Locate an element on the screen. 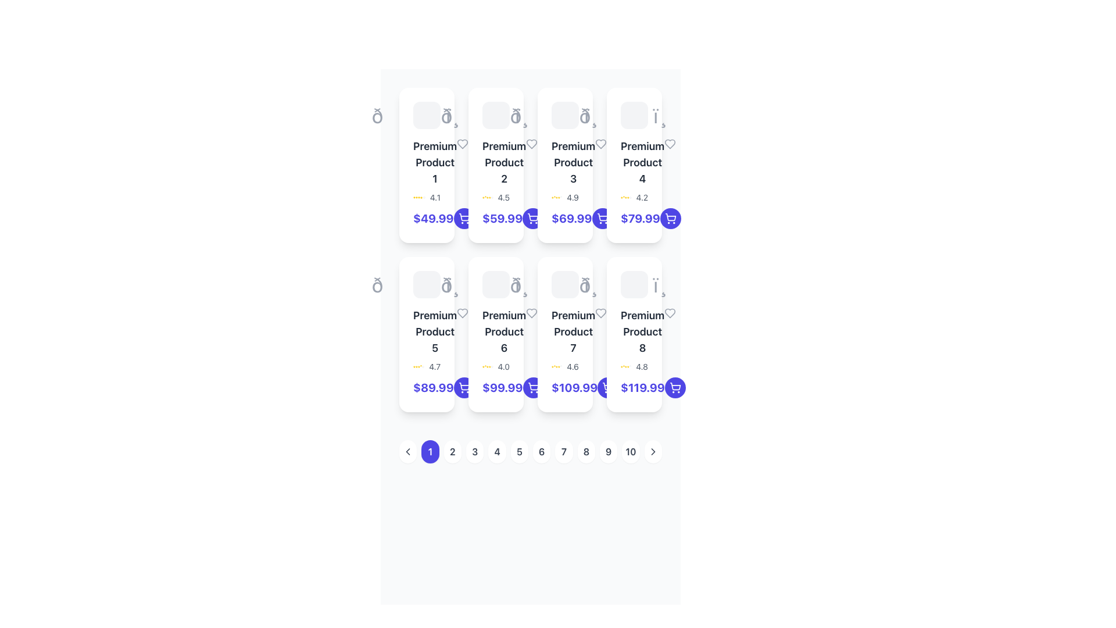  the first star rating icon indicating a rating value of '4.1' for 'Premium Product 1' is located at coordinates (414, 197).